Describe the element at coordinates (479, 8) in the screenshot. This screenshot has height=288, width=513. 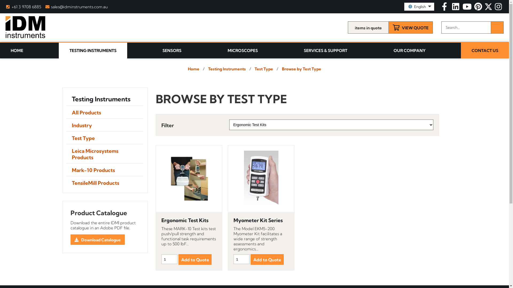
I see `' '` at that location.